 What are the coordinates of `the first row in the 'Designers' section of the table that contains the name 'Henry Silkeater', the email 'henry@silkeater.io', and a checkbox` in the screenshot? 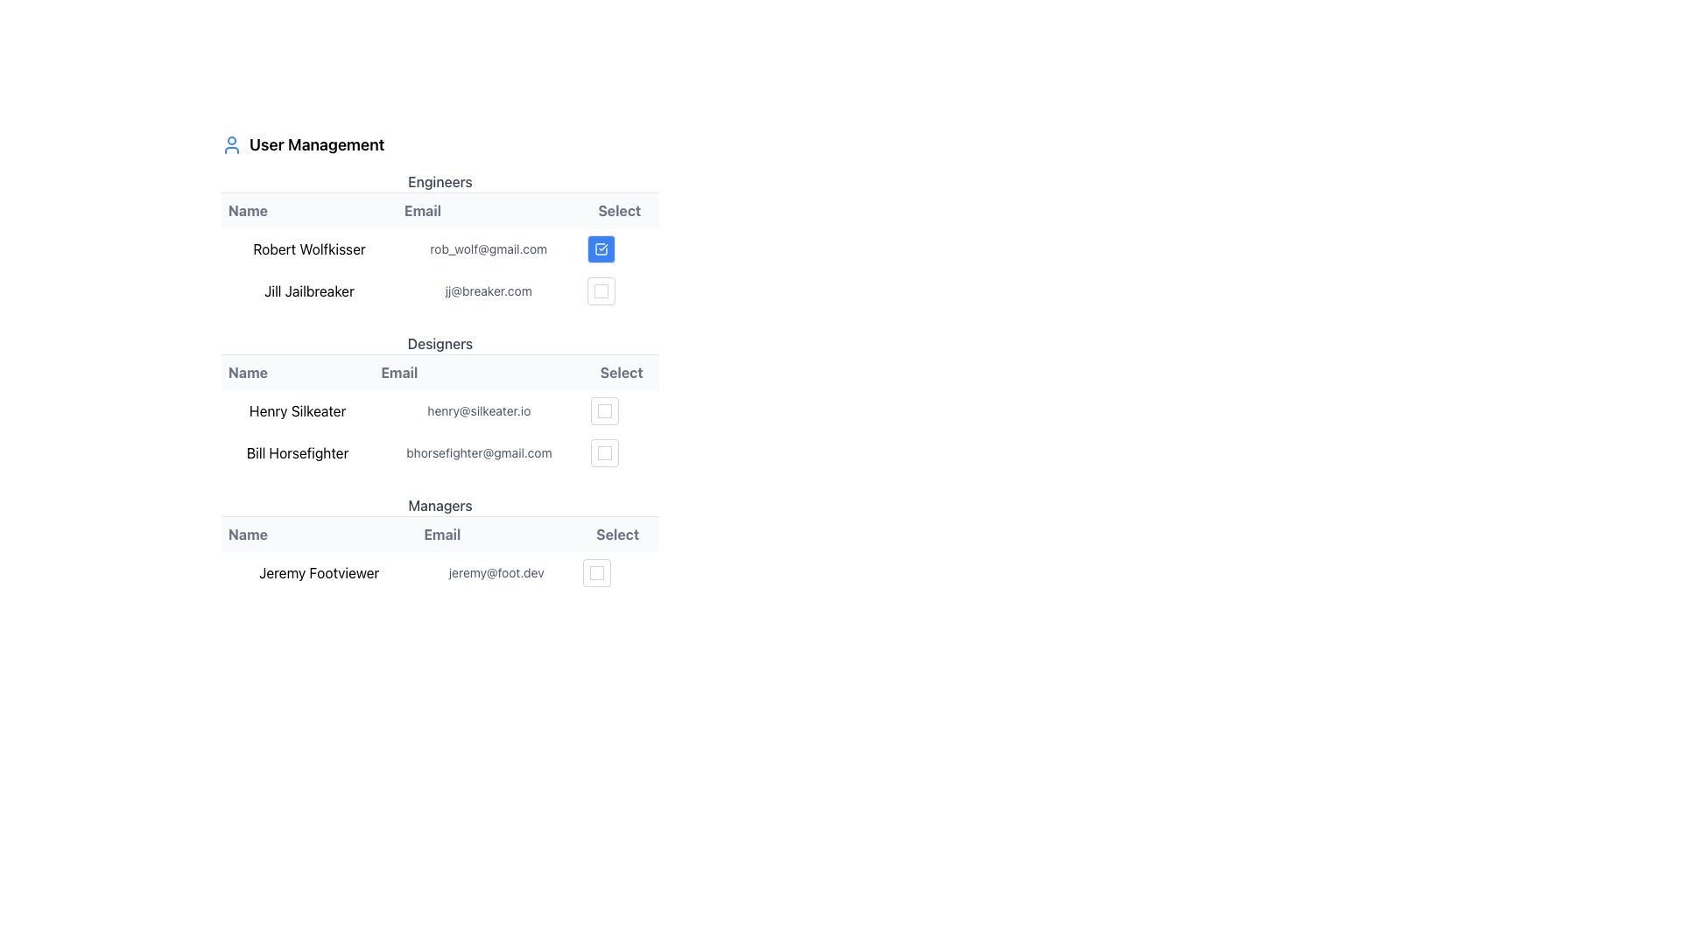 It's located at (440, 411).